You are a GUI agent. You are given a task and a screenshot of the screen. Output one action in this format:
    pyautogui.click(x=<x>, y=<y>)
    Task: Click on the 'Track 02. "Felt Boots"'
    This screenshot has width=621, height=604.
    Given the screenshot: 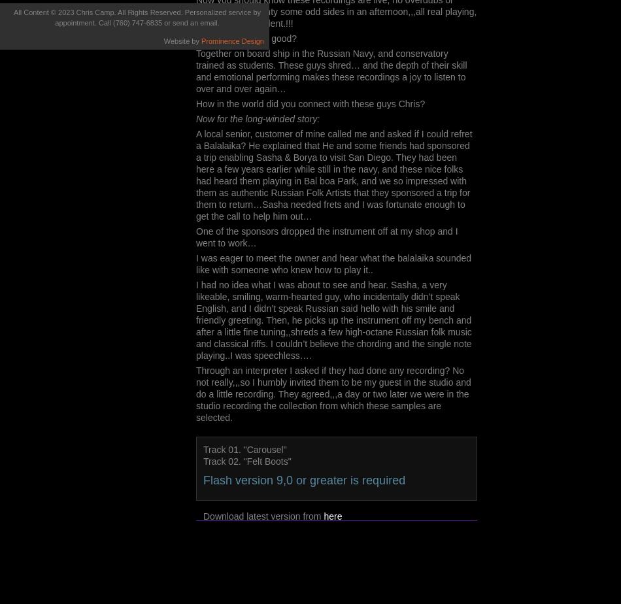 What is the action you would take?
    pyautogui.click(x=246, y=461)
    